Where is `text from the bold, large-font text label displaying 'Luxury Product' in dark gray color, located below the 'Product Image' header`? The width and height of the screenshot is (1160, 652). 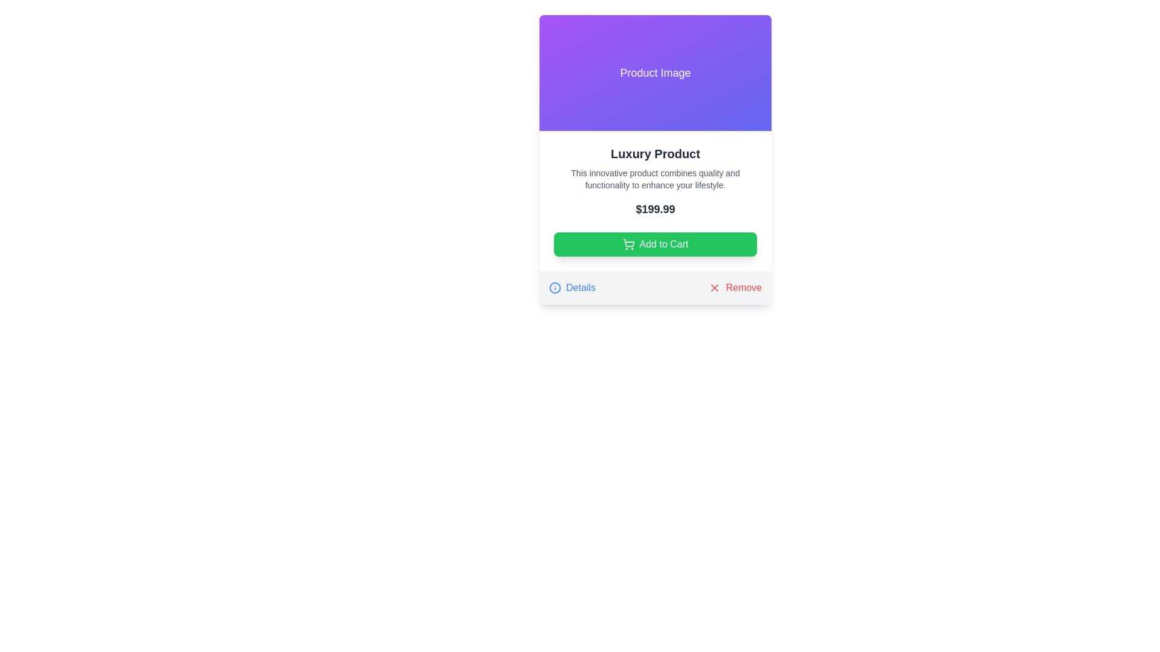 text from the bold, large-font text label displaying 'Luxury Product' in dark gray color, located below the 'Product Image' header is located at coordinates (654, 153).